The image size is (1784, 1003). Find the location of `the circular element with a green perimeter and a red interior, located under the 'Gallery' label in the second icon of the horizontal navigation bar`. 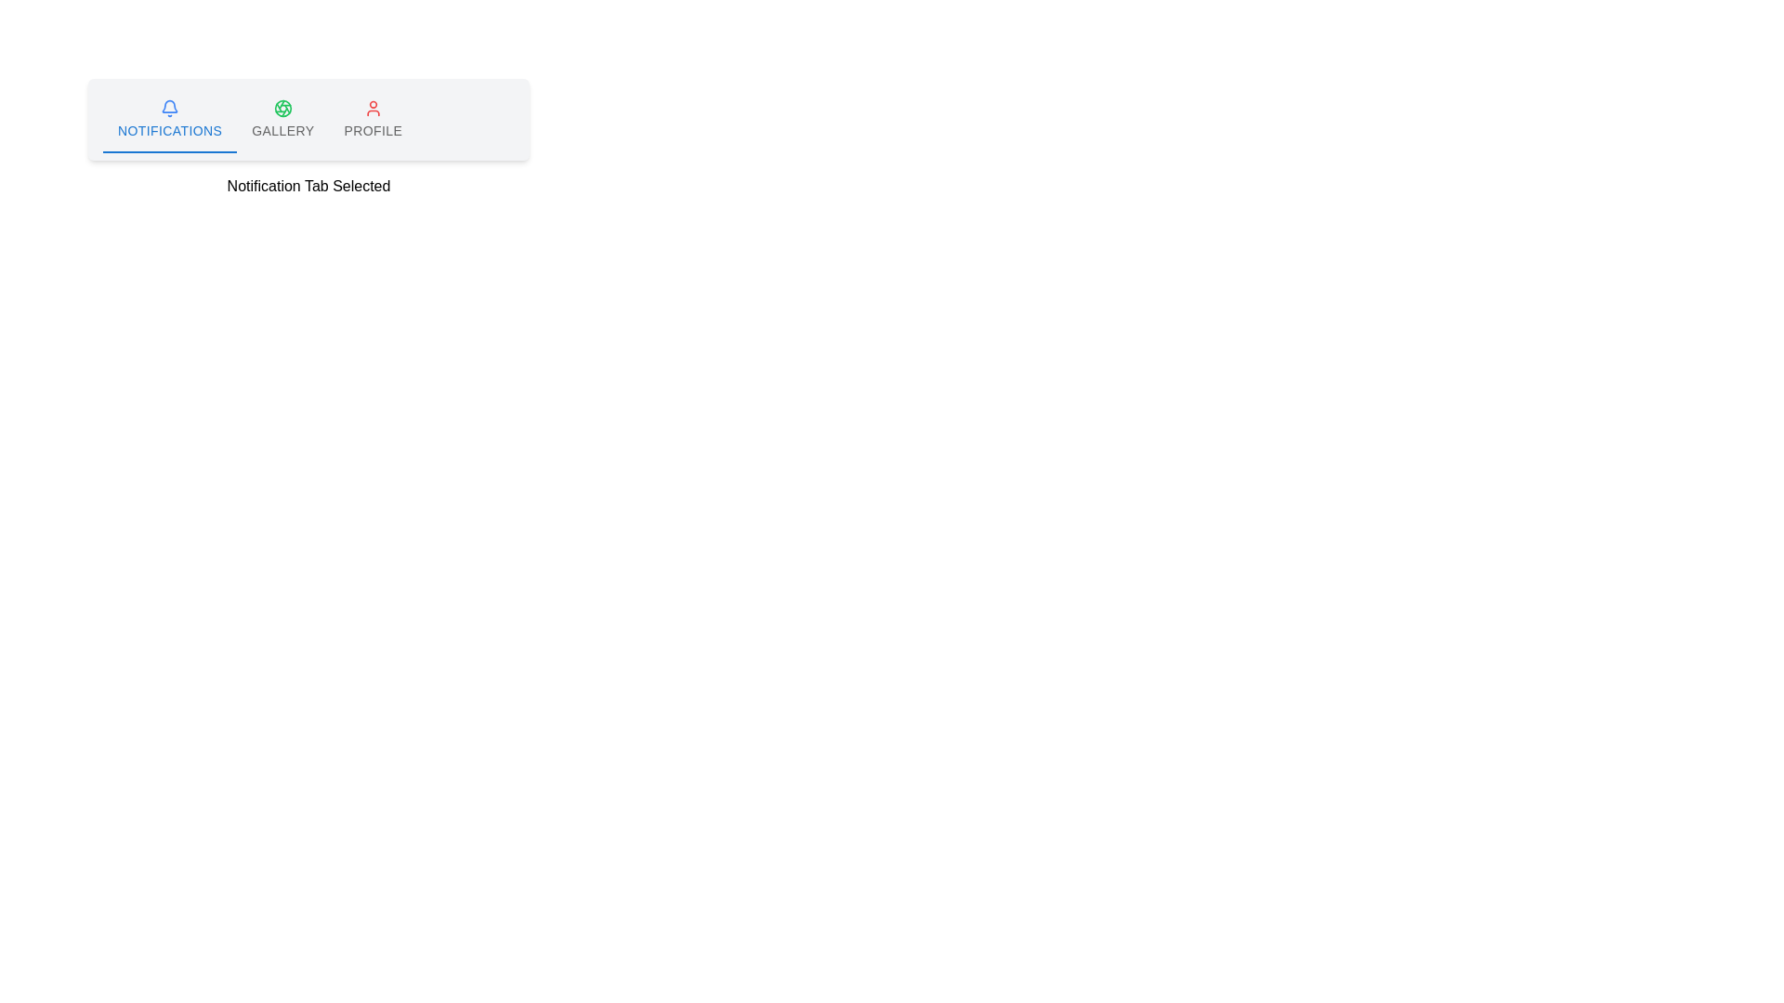

the circular element with a green perimeter and a red interior, located under the 'Gallery' label in the second icon of the horizontal navigation bar is located at coordinates (282, 109).